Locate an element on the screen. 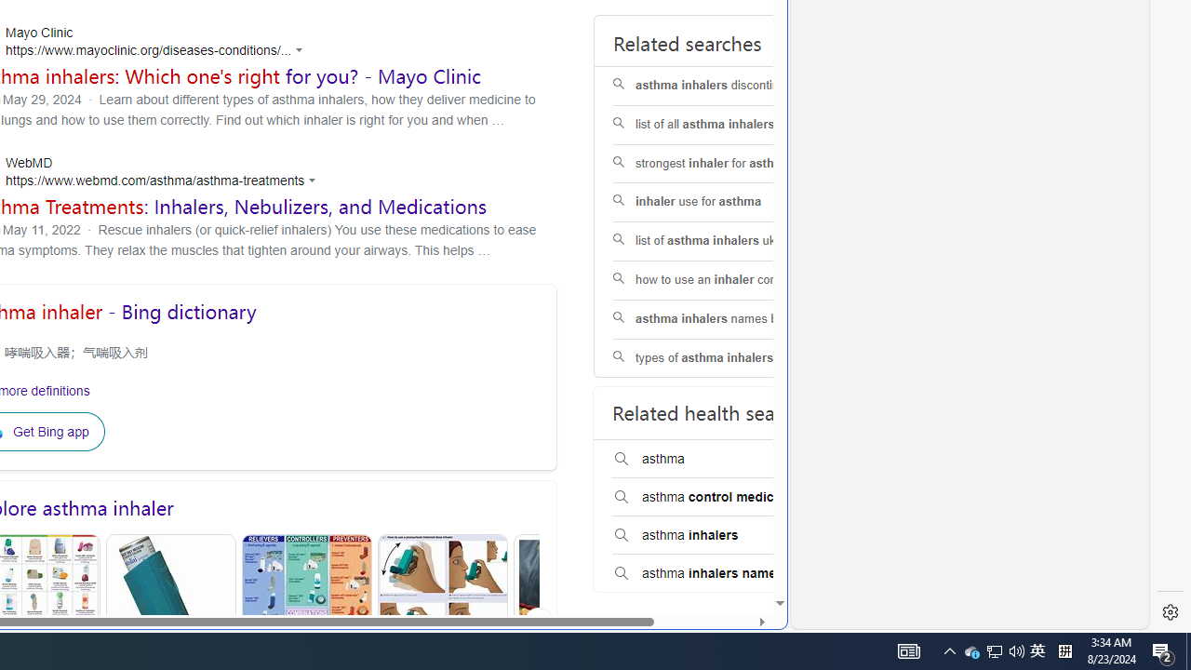 The width and height of the screenshot is (1191, 670). 'inhaler use for asthma' is located at coordinates (729, 203).